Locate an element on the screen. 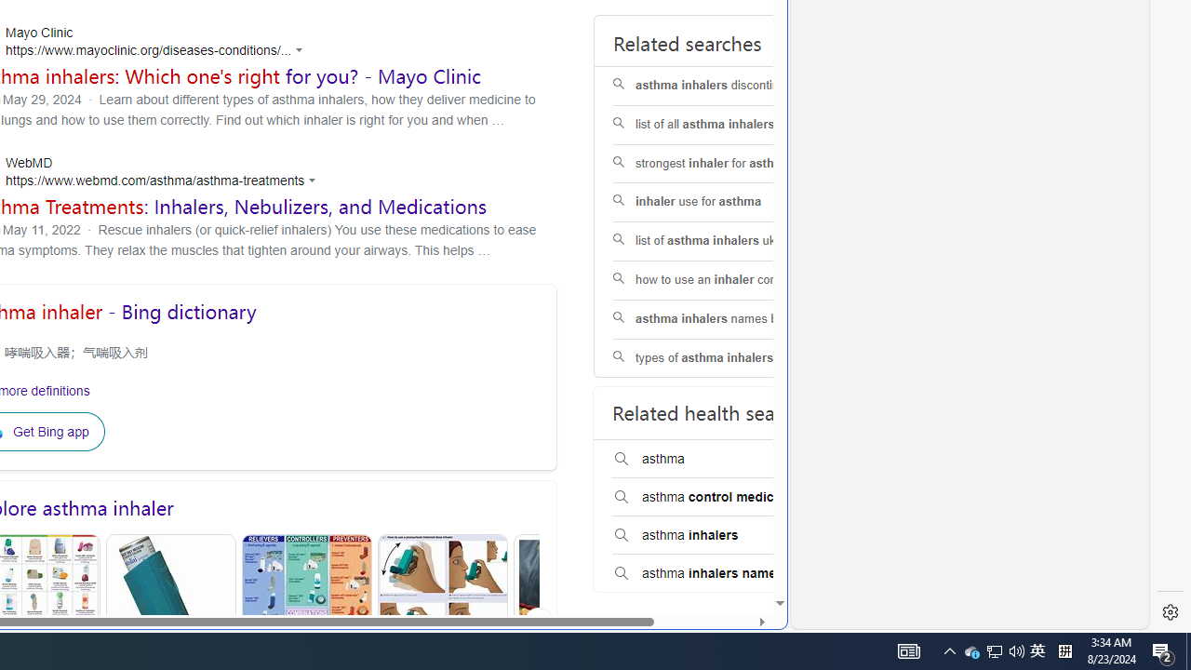 The width and height of the screenshot is (1191, 670). 'inhaler use for asthma' is located at coordinates (729, 203).